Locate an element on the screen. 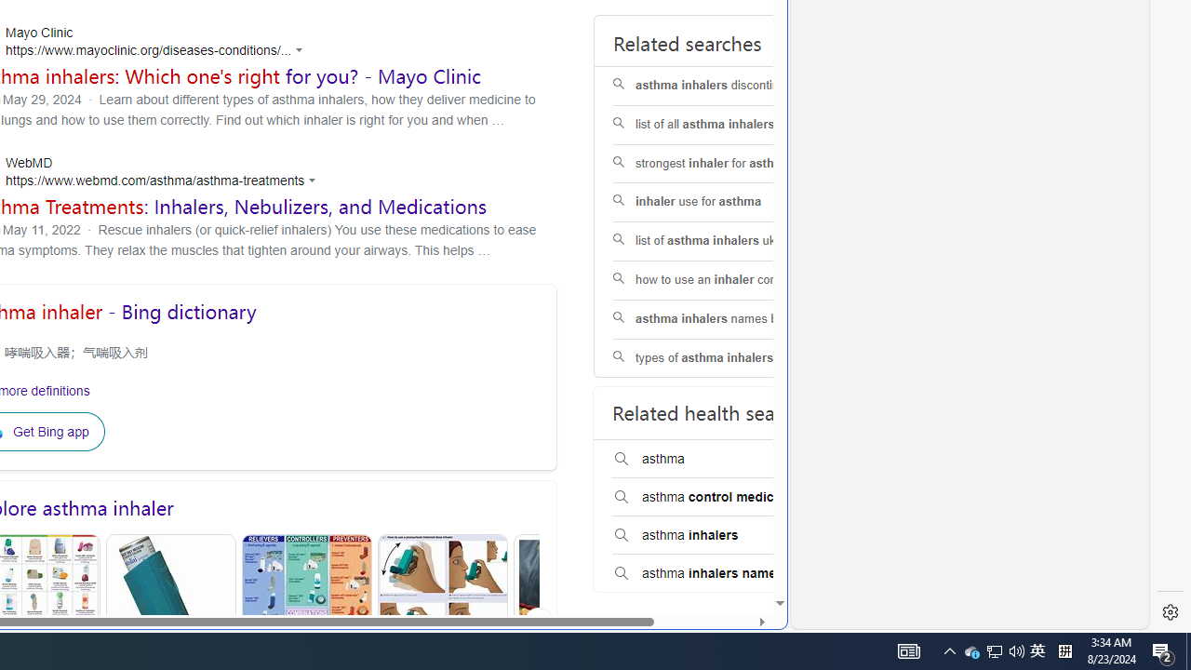 The width and height of the screenshot is (1191, 670). 'inhaler use for asthma' is located at coordinates (729, 203).